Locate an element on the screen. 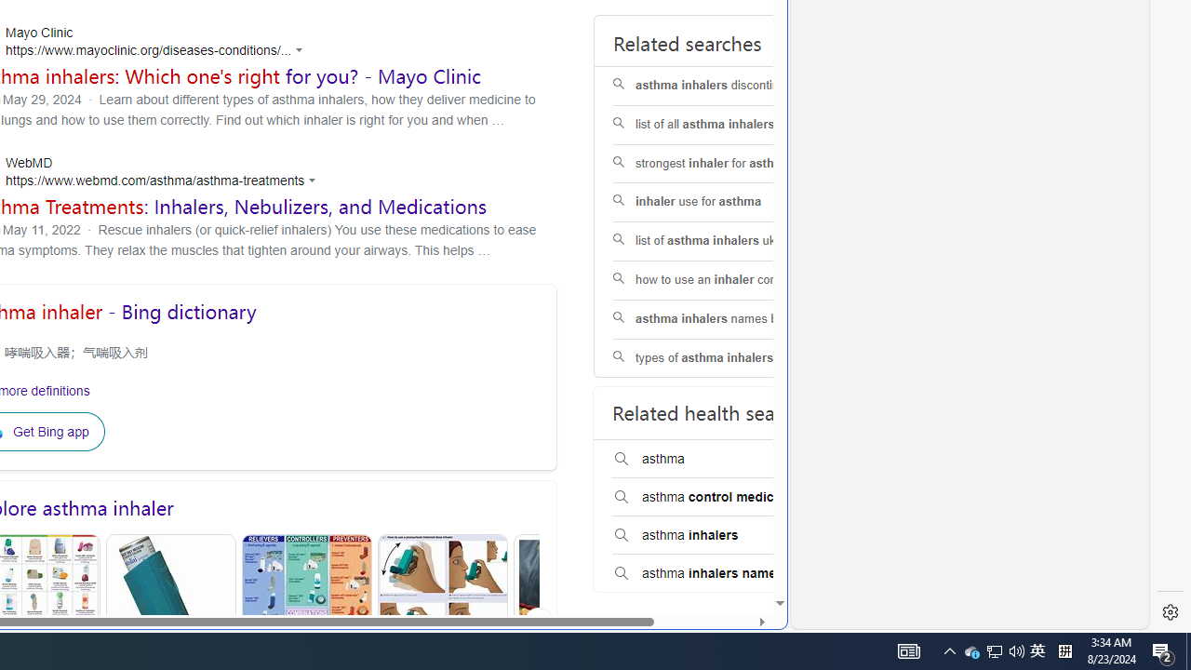 The width and height of the screenshot is (1191, 670). 'inhaler use for asthma' is located at coordinates (729, 203).